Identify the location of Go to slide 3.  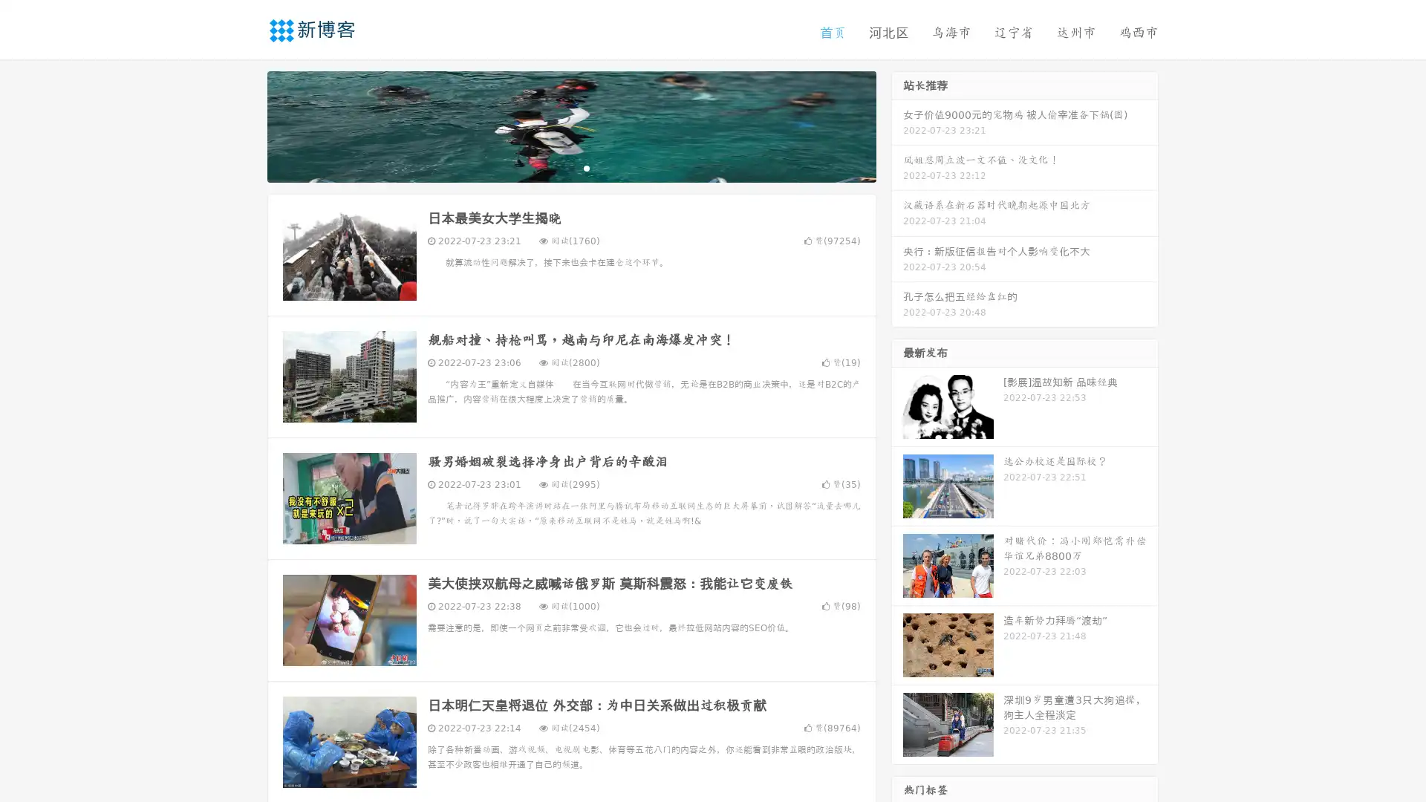
(586, 167).